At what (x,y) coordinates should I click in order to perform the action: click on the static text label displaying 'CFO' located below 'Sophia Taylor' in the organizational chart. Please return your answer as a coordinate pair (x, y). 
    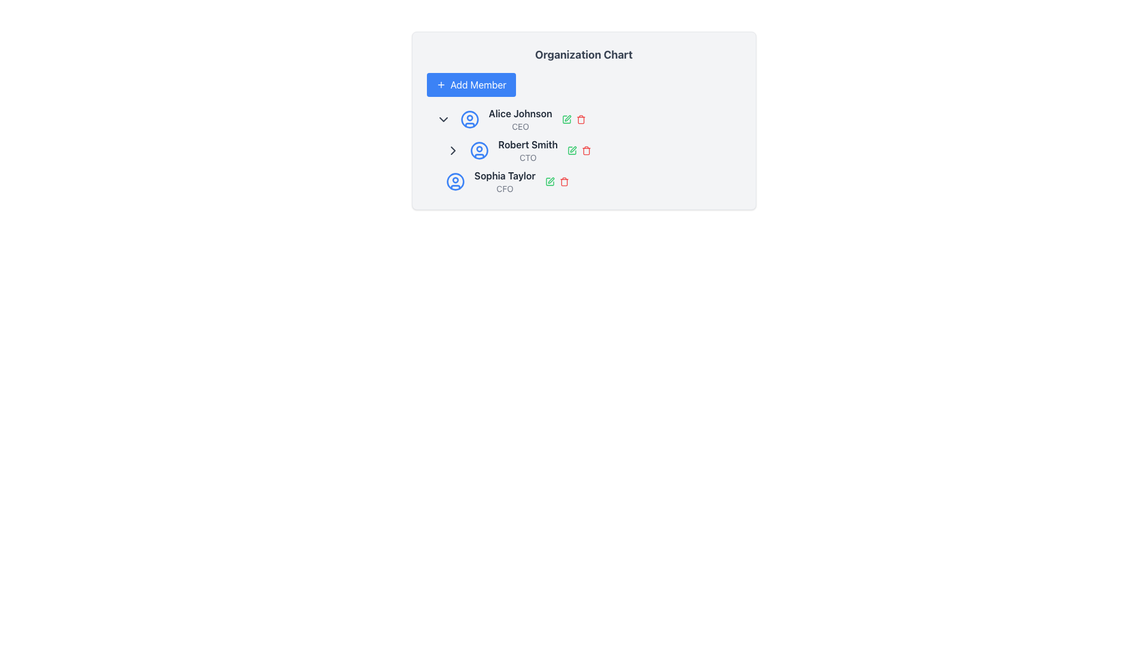
    Looking at the image, I should click on (505, 188).